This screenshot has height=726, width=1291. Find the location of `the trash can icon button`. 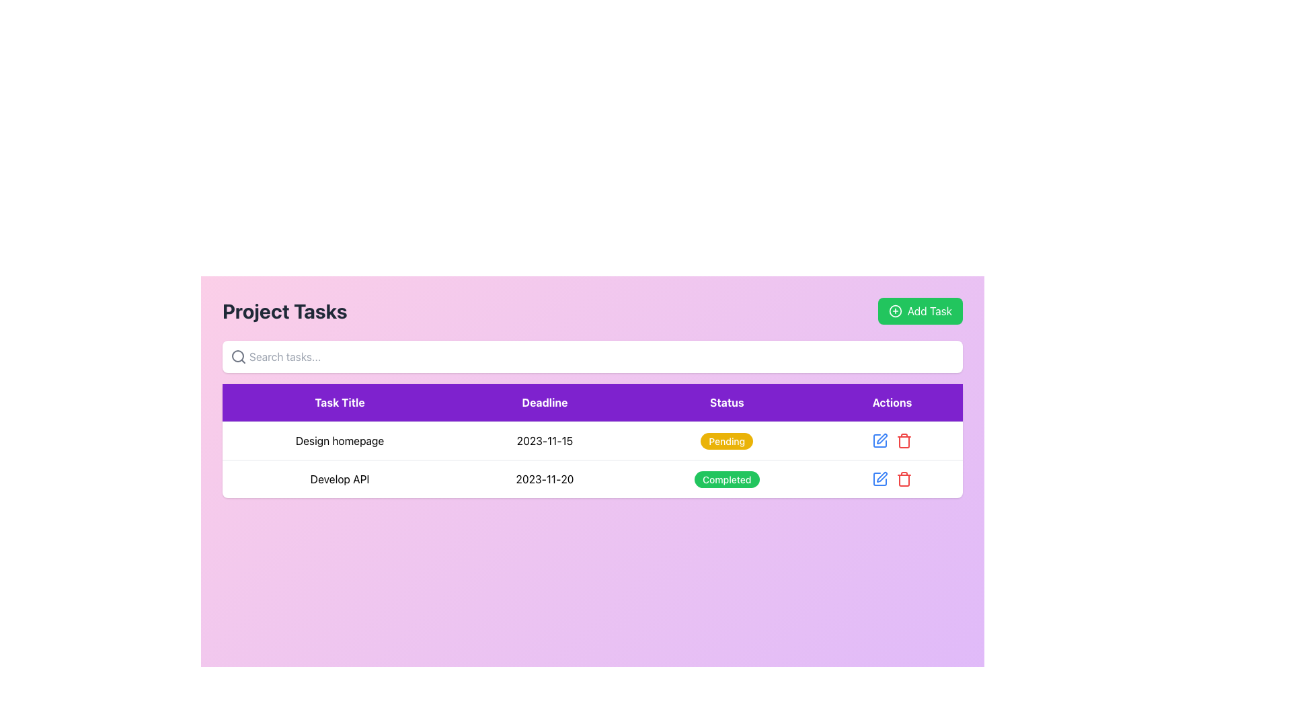

the trash can icon button is located at coordinates (904, 479).